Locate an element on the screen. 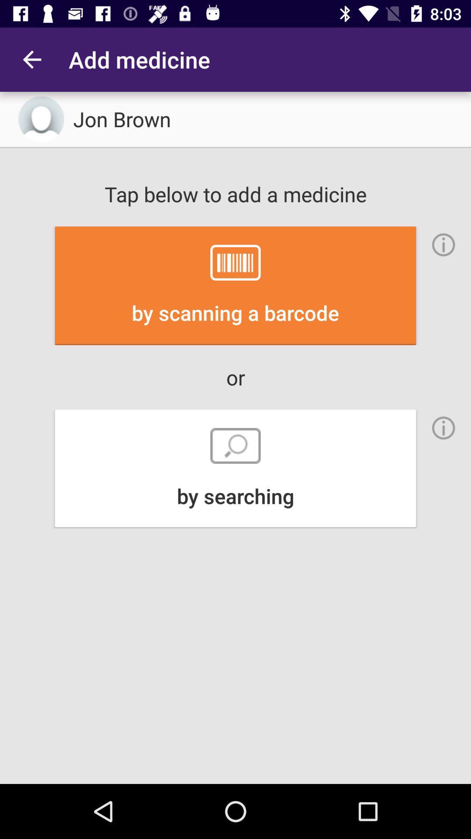 This screenshot has width=471, height=839. see information is located at coordinates (444, 428).